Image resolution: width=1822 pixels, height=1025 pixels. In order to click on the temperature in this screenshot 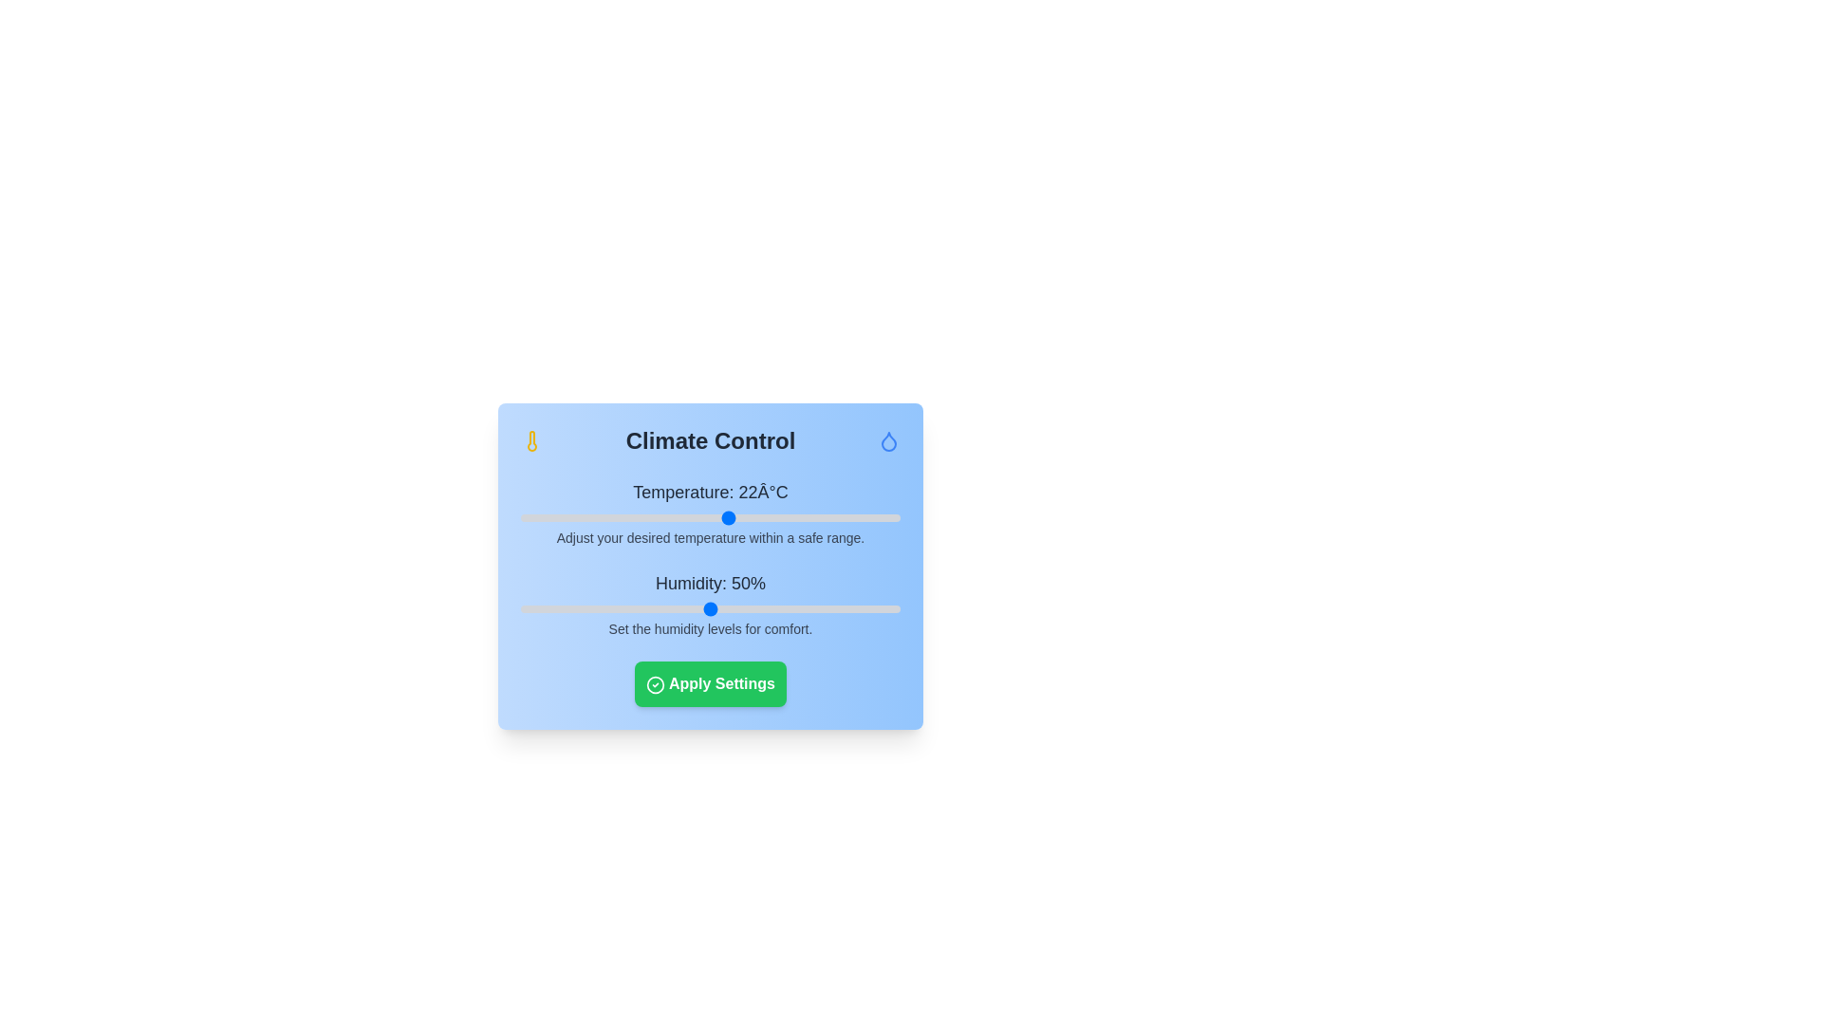, I will do `click(615, 518)`.